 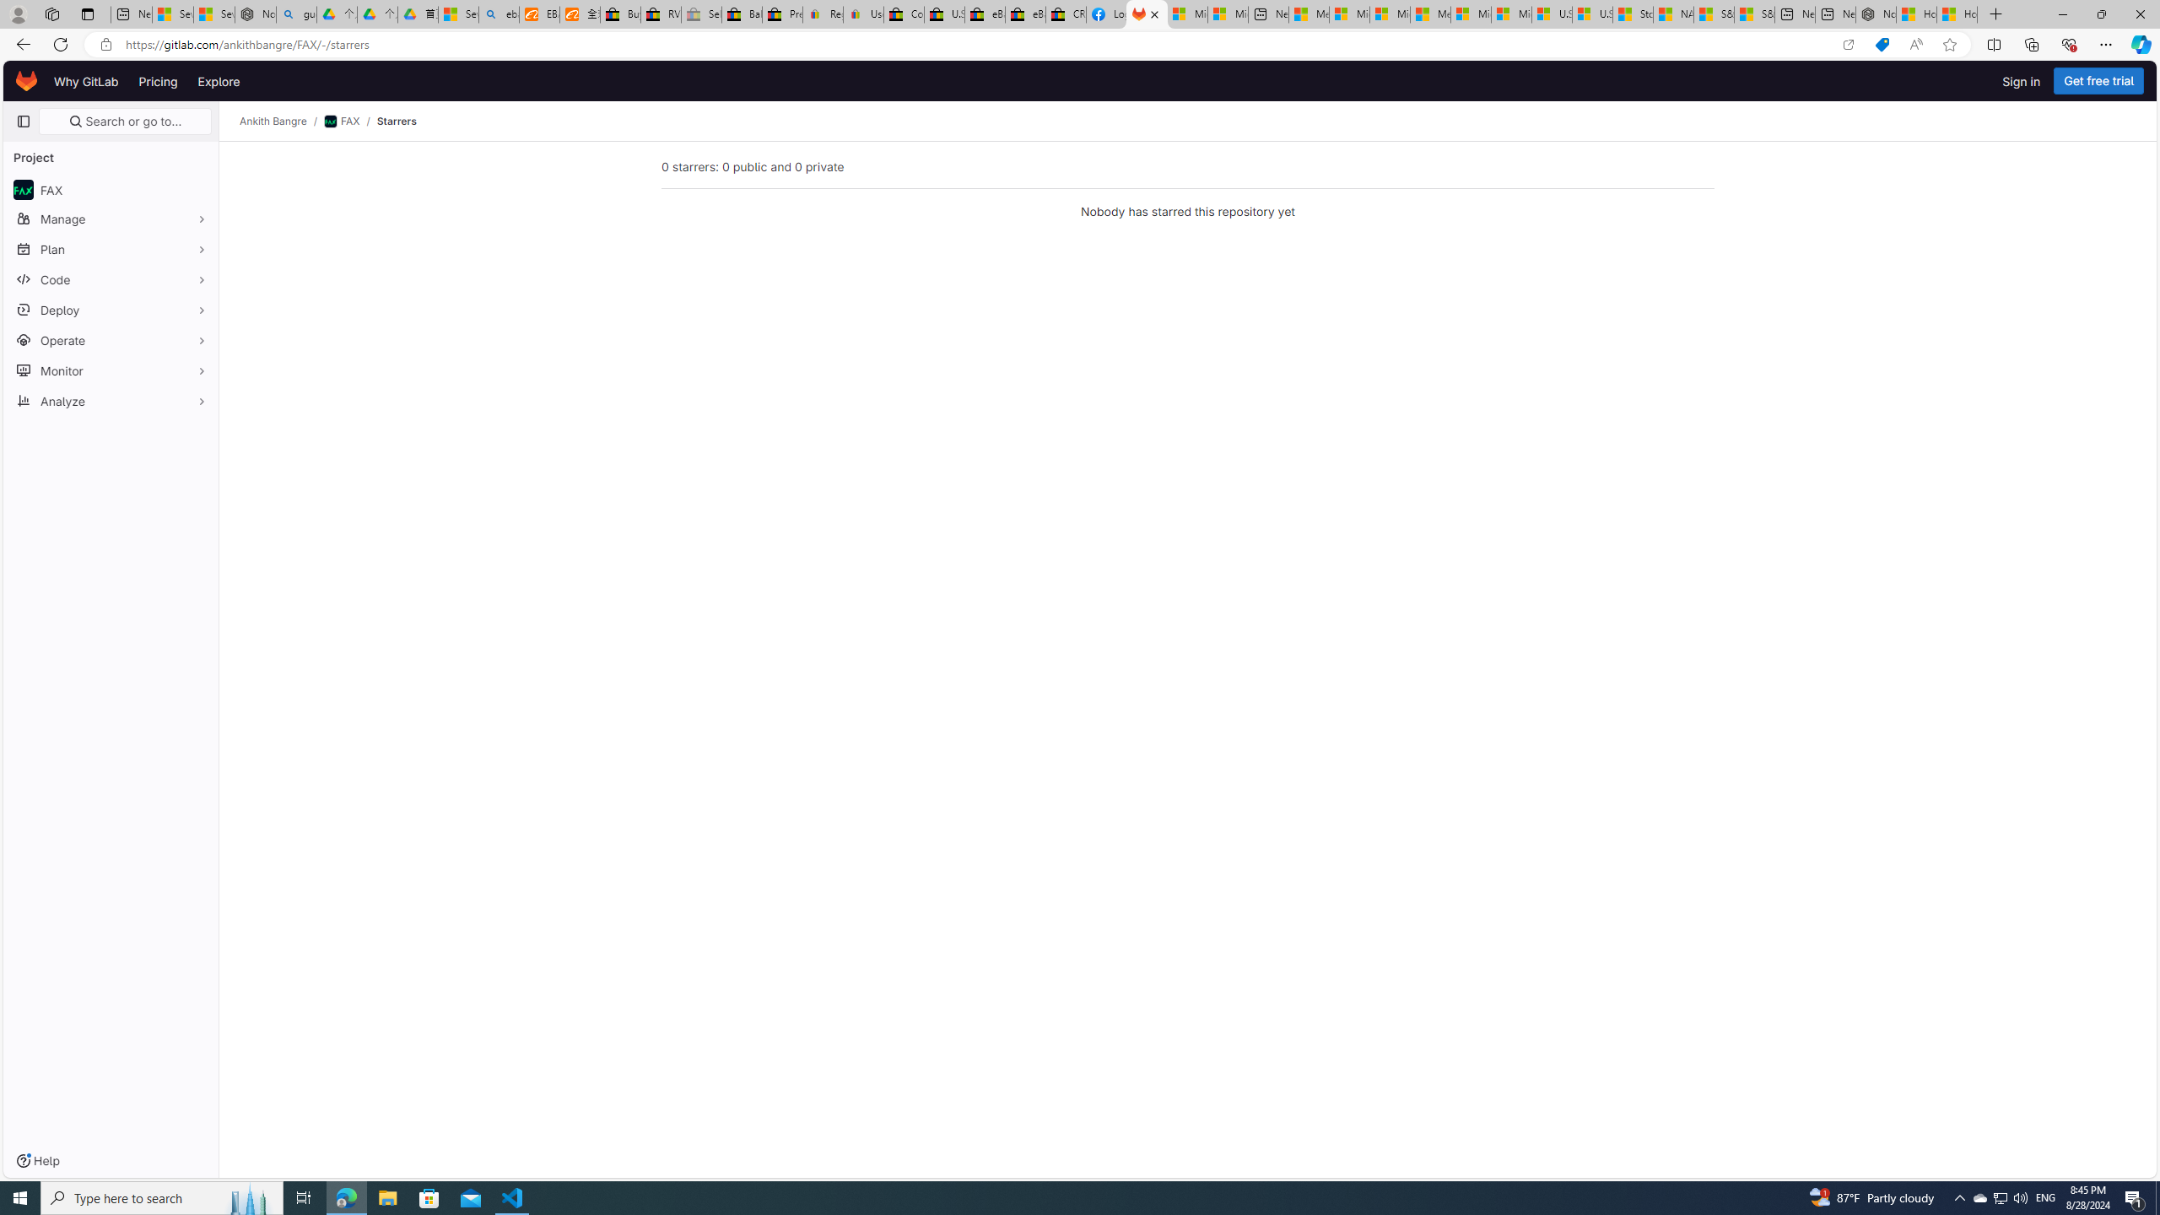 I want to click on 'Minimize', so click(x=2061, y=13).